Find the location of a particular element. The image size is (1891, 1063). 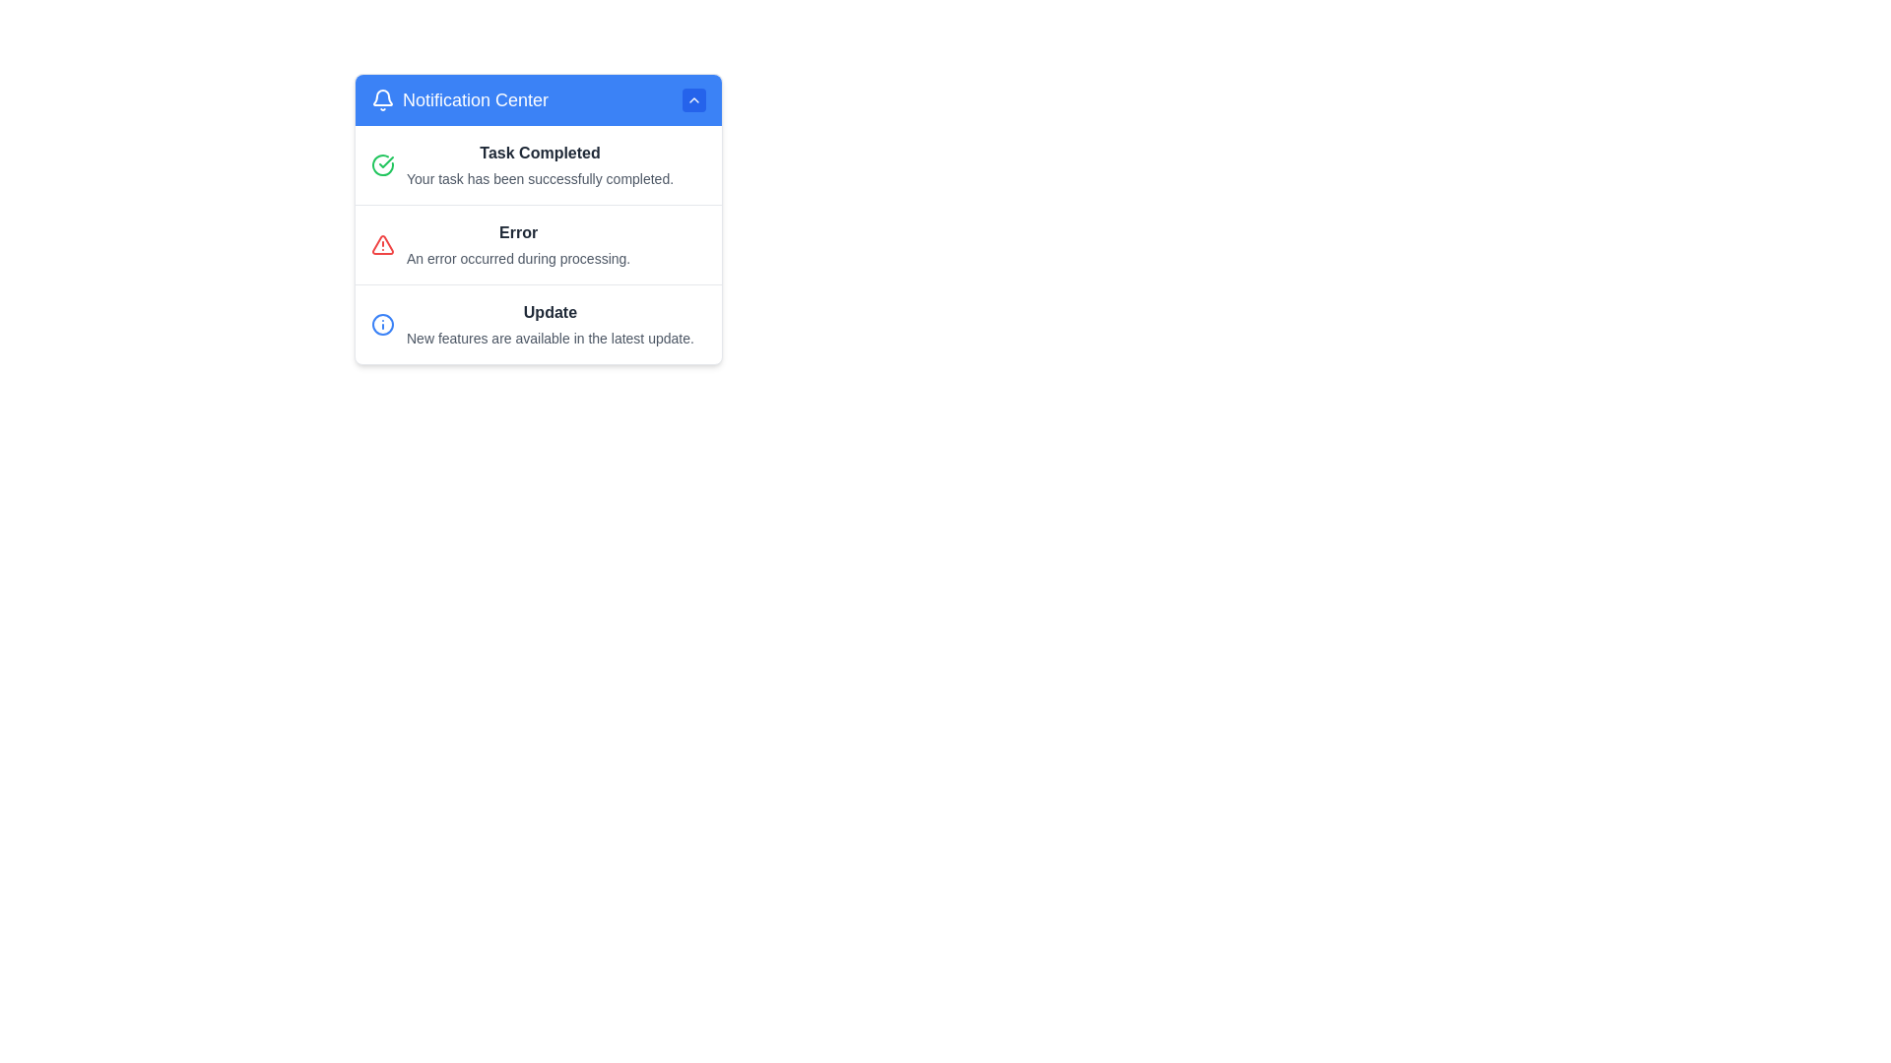

the text block displaying the message 'New features are available in the latest update.' which is styled in a smaller gray font and located directly below the bolded 'Update' text is located at coordinates (550, 337).